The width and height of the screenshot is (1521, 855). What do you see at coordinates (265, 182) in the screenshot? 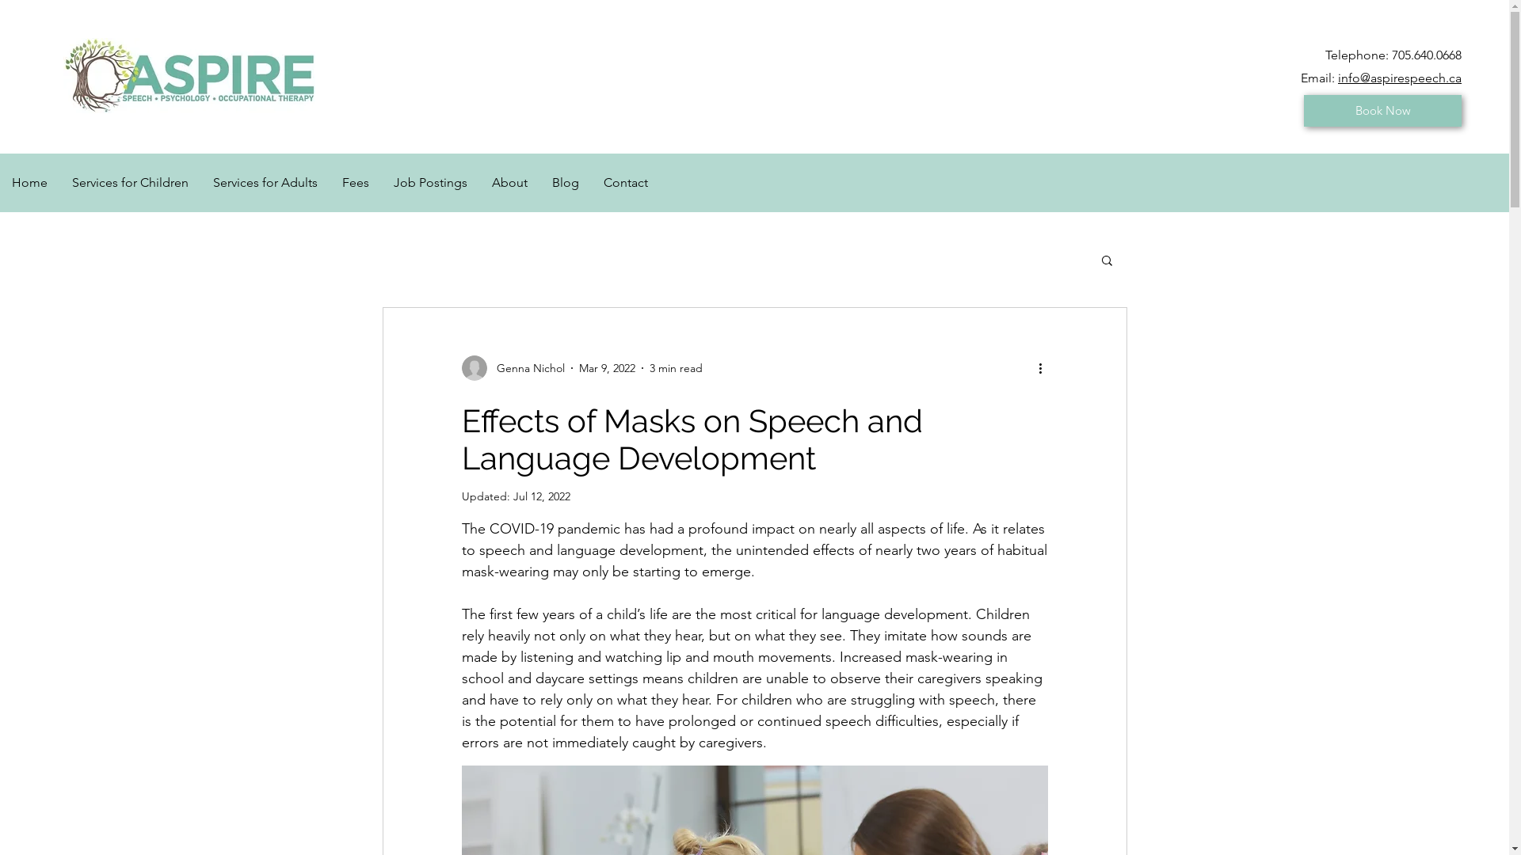
I see `'Services for Adults'` at bounding box center [265, 182].